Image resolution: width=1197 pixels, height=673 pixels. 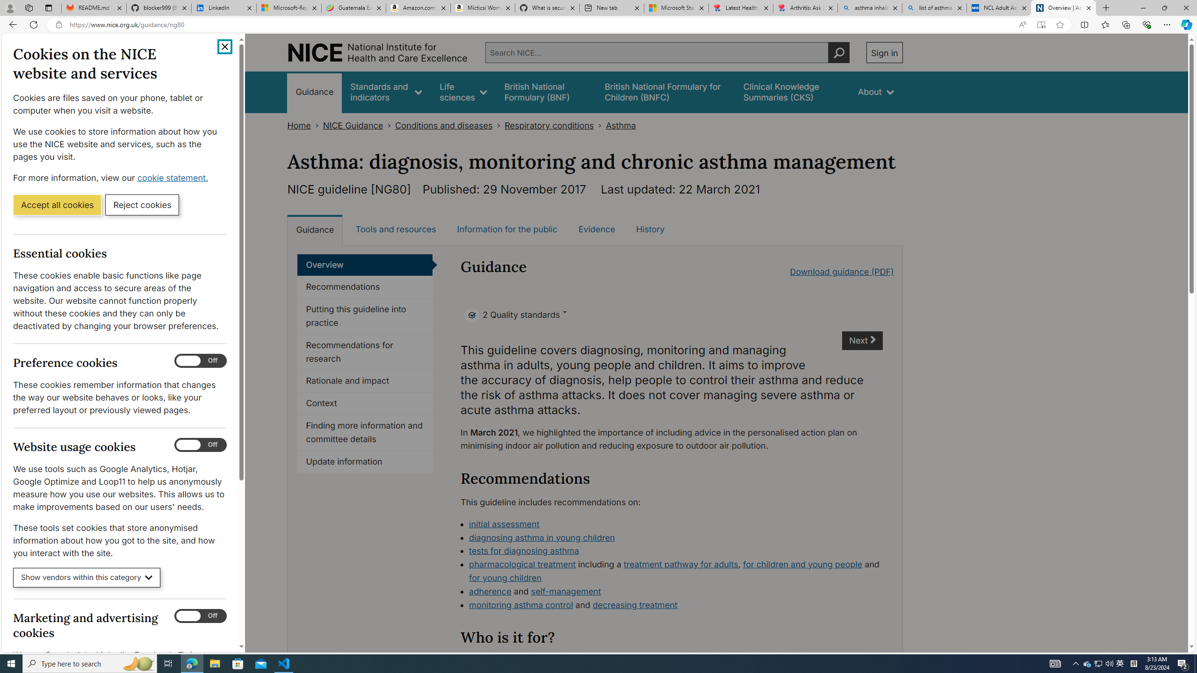 What do you see at coordinates (596, 229) in the screenshot?
I see `'Evidence'` at bounding box center [596, 229].